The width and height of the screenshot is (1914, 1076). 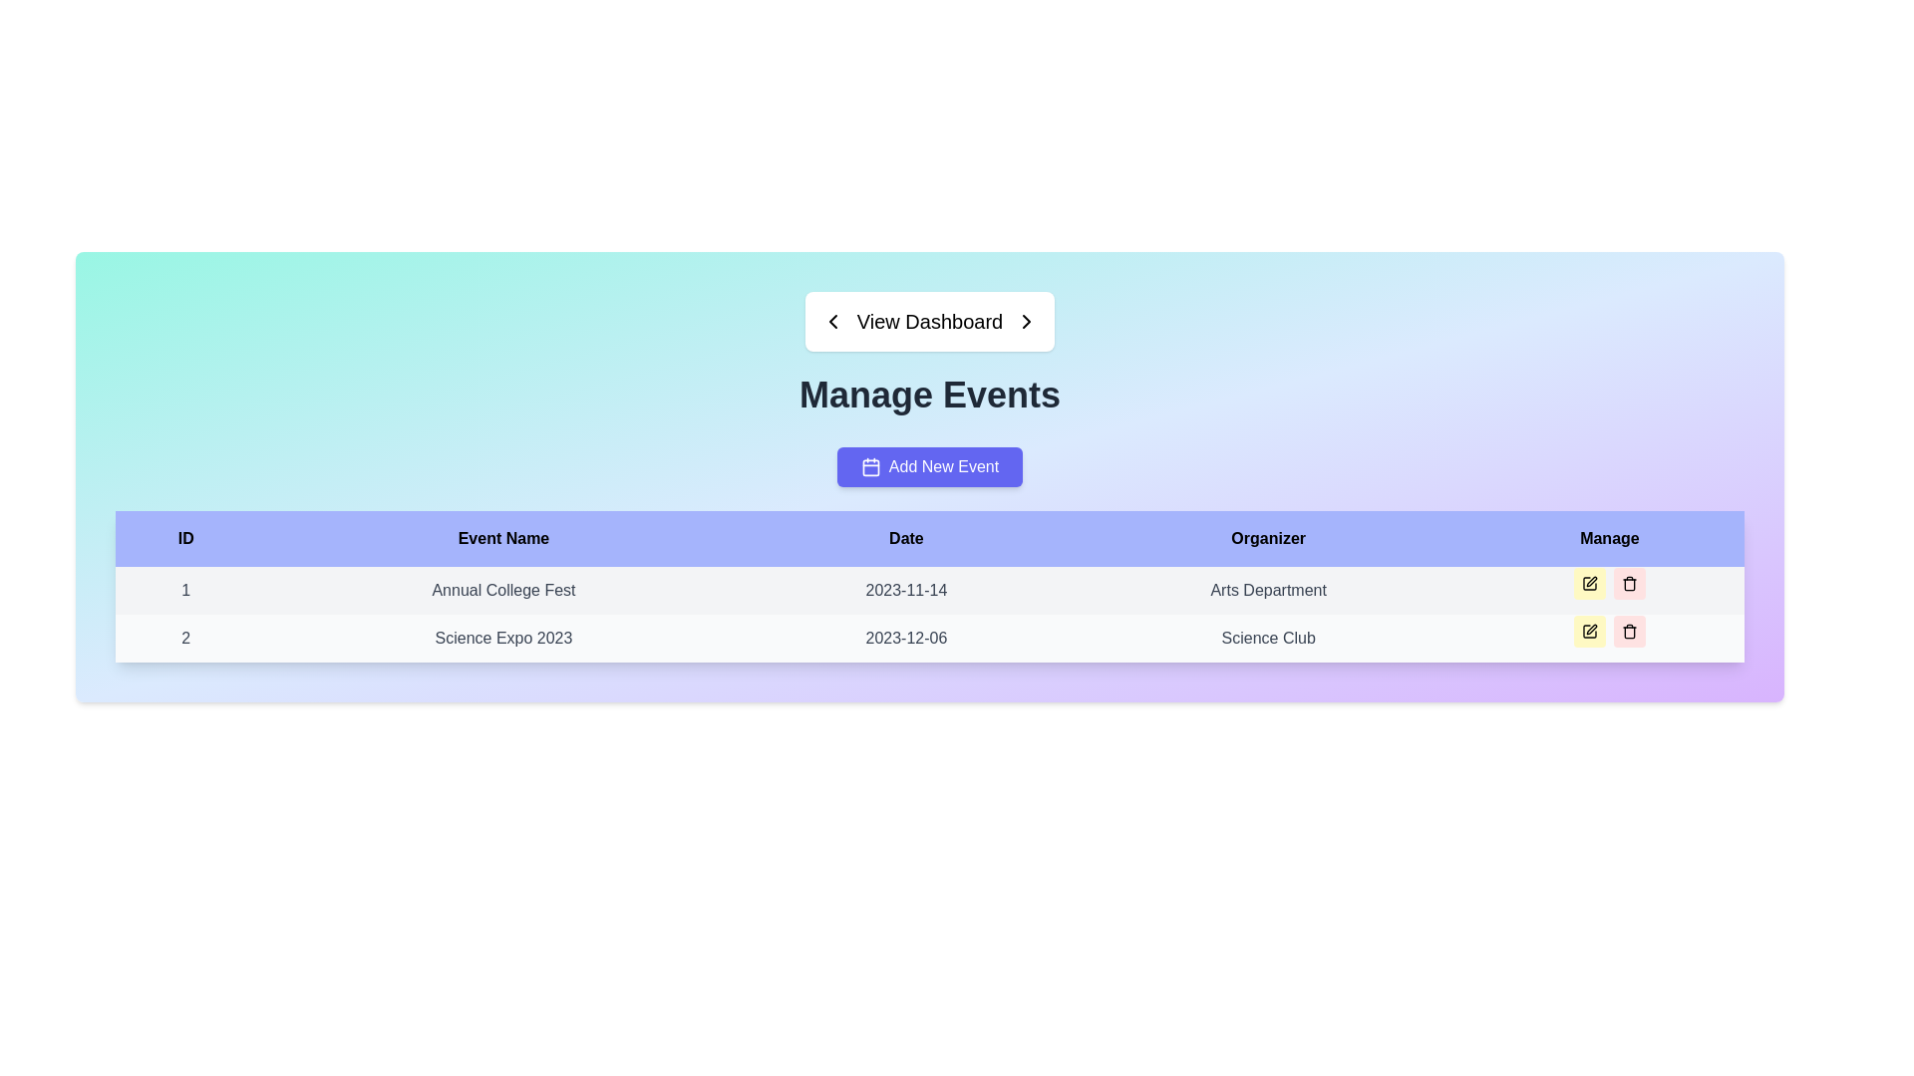 What do you see at coordinates (928, 467) in the screenshot?
I see `the button located below the 'Manage Events' heading and above the event data table` at bounding box center [928, 467].